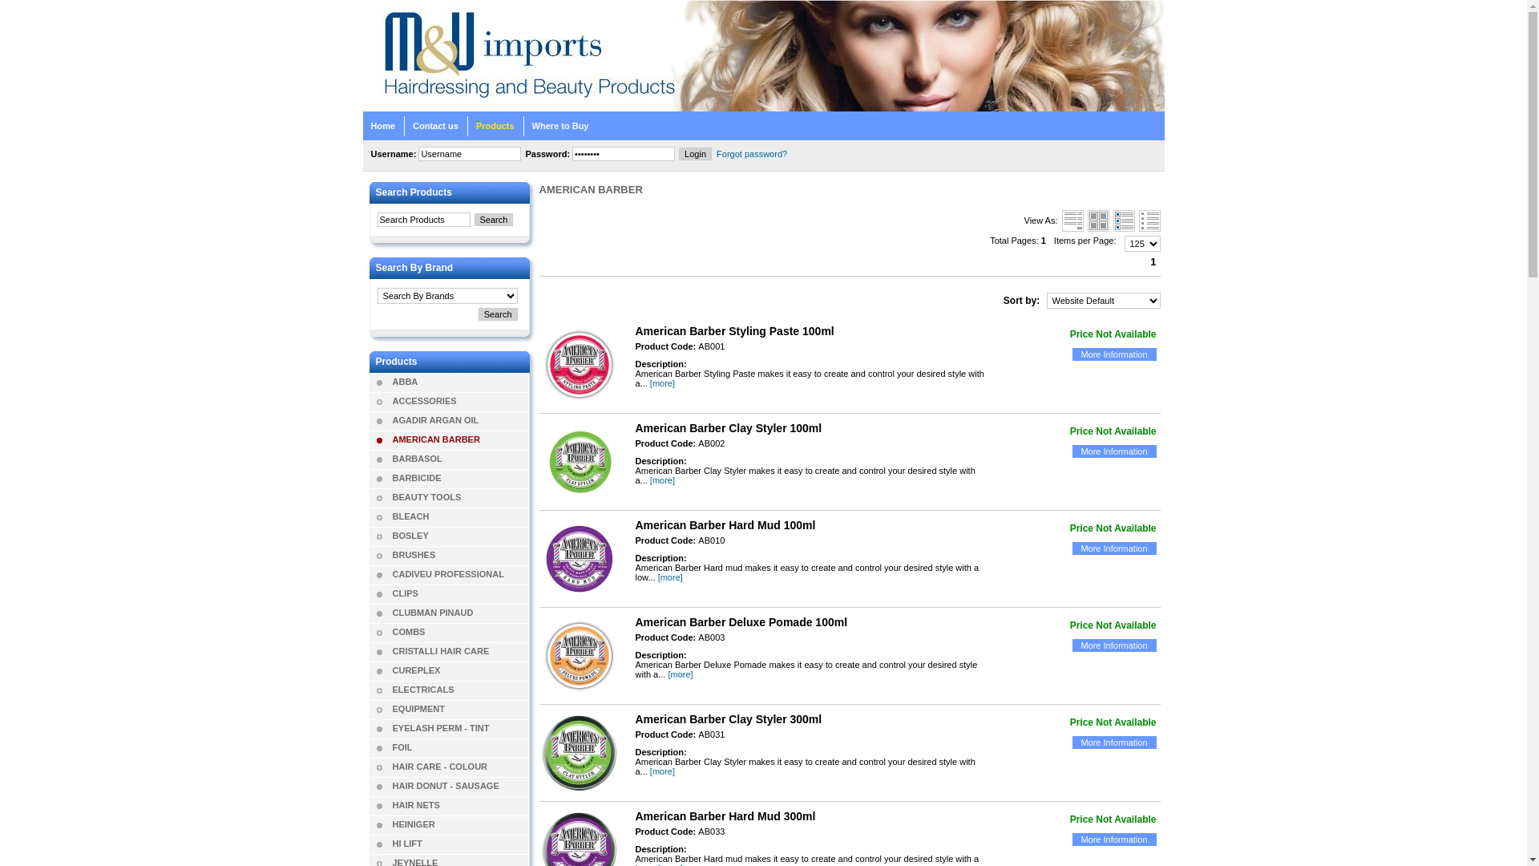 The image size is (1539, 866). I want to click on 'Contact us', so click(404, 125).